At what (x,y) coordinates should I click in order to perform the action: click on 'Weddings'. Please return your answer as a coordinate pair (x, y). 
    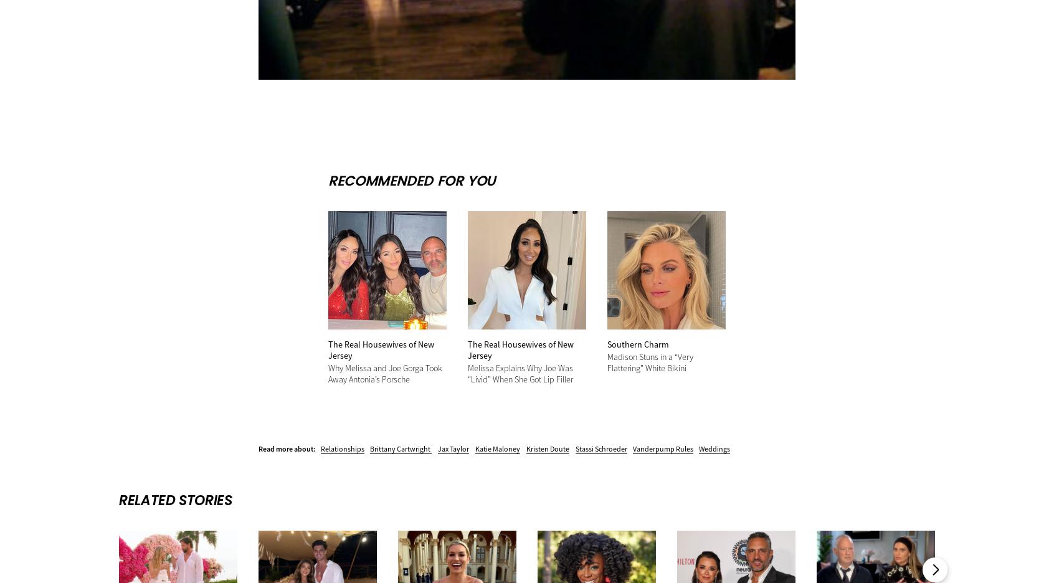
    Looking at the image, I should click on (714, 447).